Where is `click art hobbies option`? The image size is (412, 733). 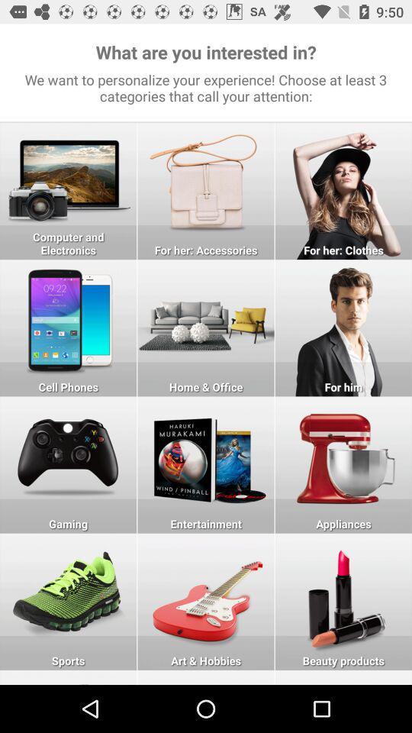
click art hobbies option is located at coordinates (206, 602).